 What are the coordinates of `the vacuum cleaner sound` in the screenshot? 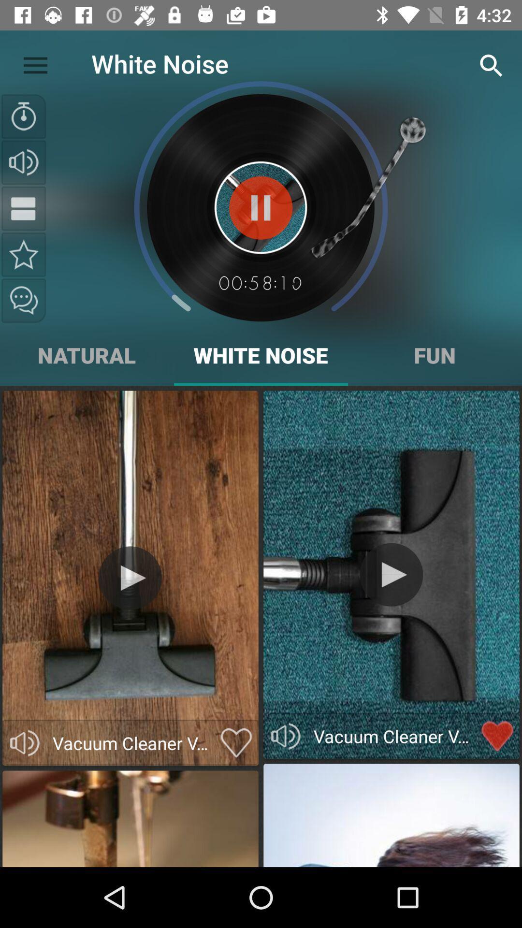 It's located at (130, 578).